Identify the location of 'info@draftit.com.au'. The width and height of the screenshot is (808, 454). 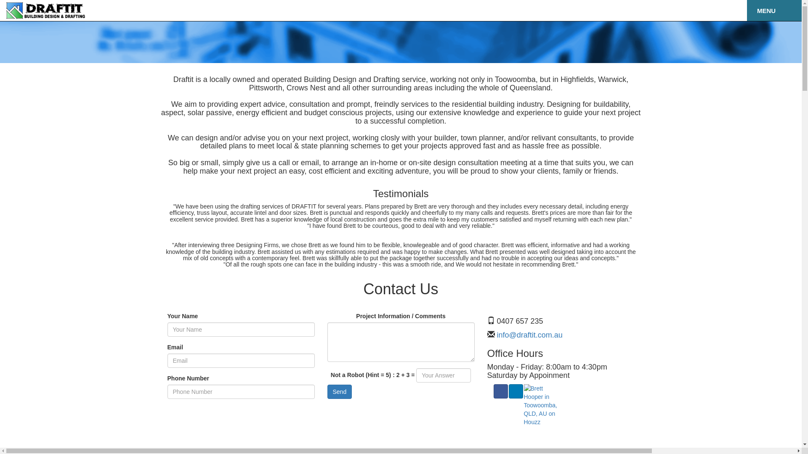
(528, 335).